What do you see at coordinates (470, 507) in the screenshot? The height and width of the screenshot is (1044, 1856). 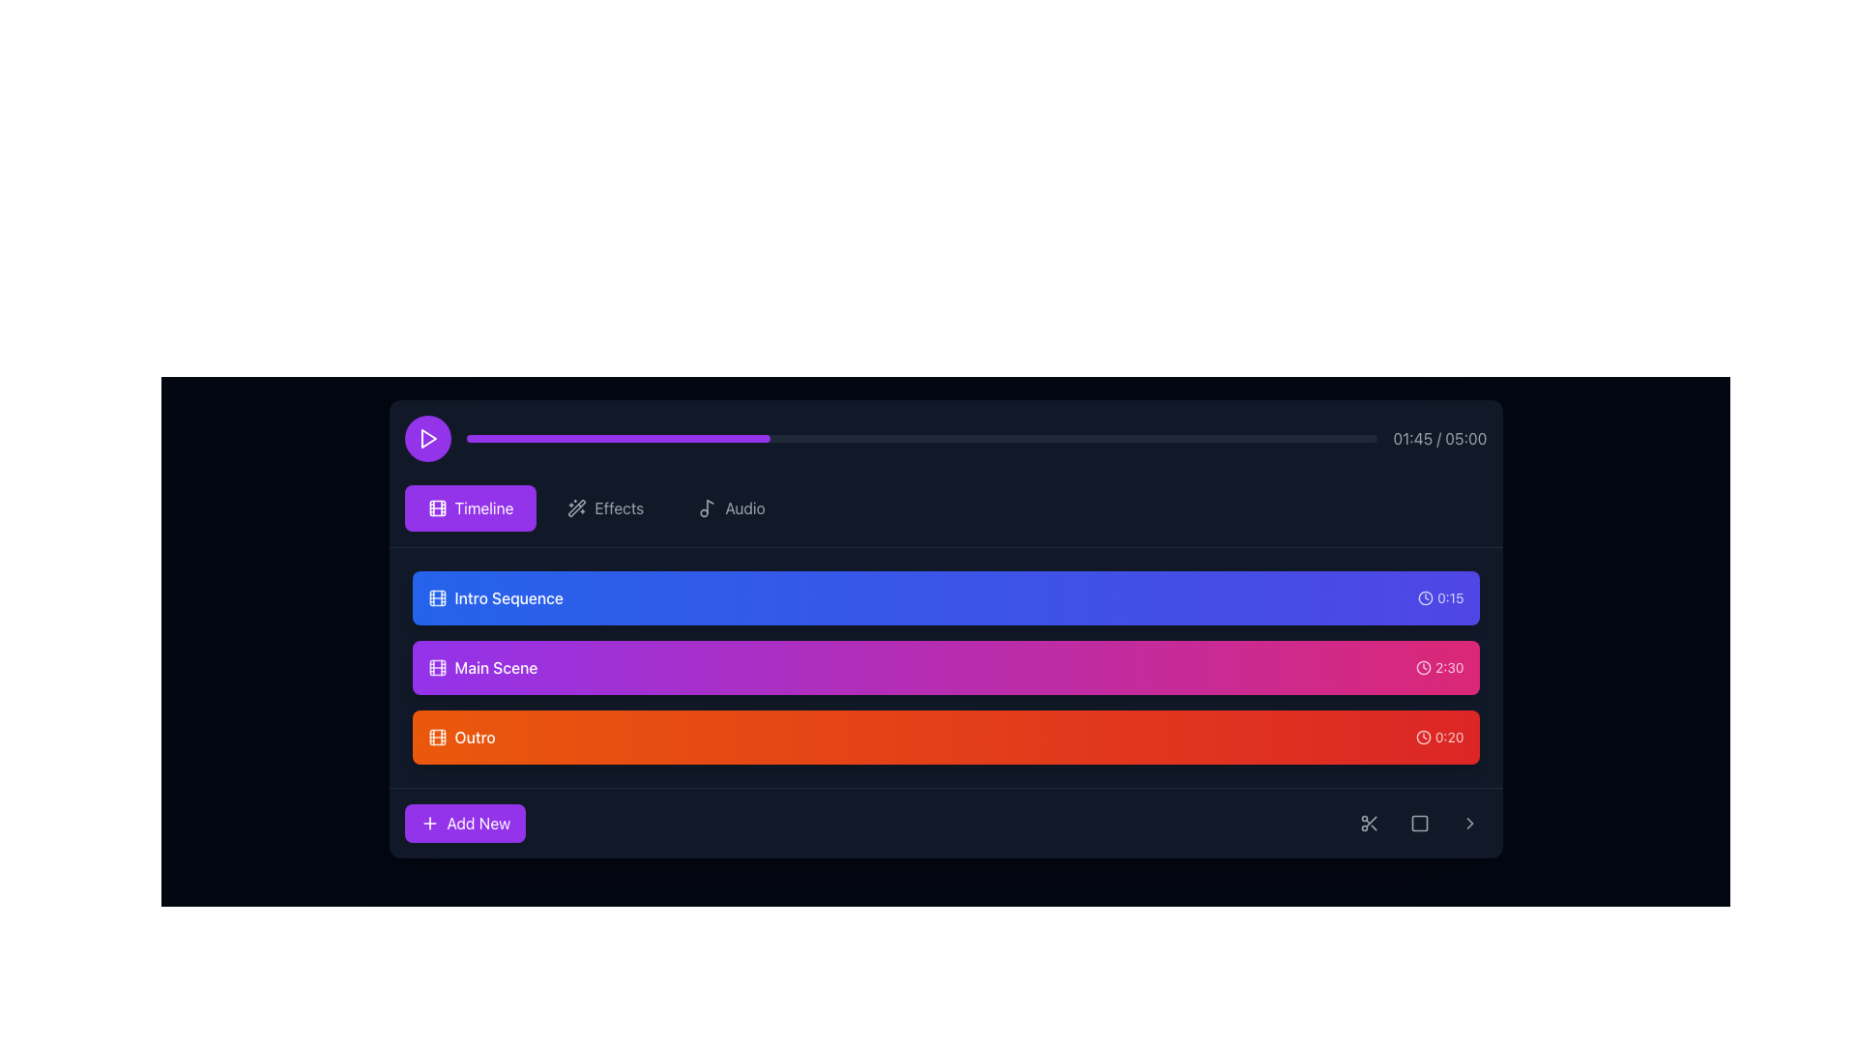 I see `the 'Timeline' button, which is a rectangular button with rounded corners, purple background, and a white film reel icon on the left, located at the leftmost side of the navigation bar near the top of the sidebar` at bounding box center [470, 507].